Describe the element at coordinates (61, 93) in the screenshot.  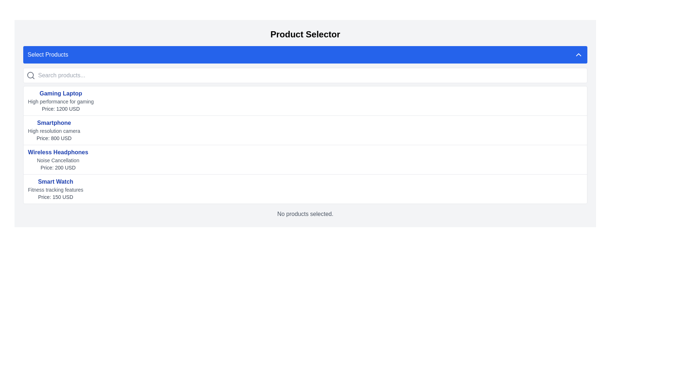
I see `text content of the bold and blue 'Gaming Laptop' label located at the top of the product selection panel` at that location.